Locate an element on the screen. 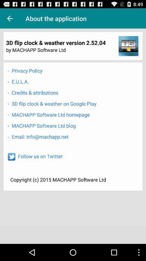  previous is located at coordinates (10, 18).